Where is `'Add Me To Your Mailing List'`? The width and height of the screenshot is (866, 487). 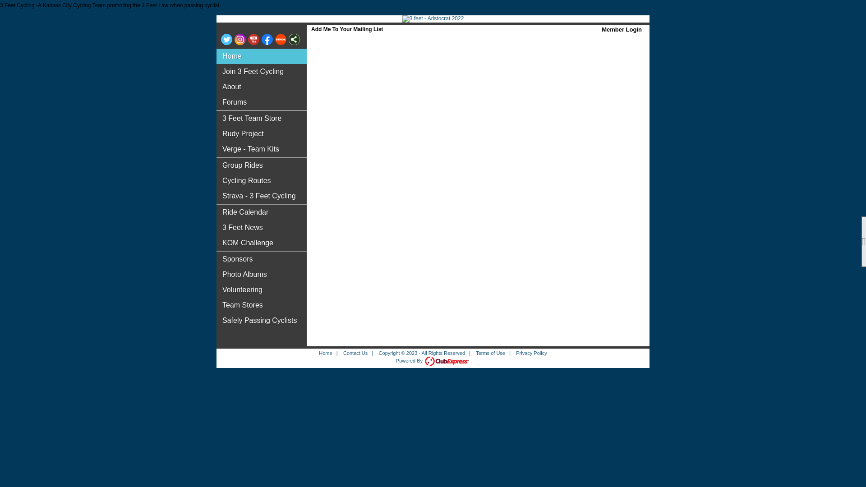
'Add Me To Your Mailing List' is located at coordinates (311, 29).